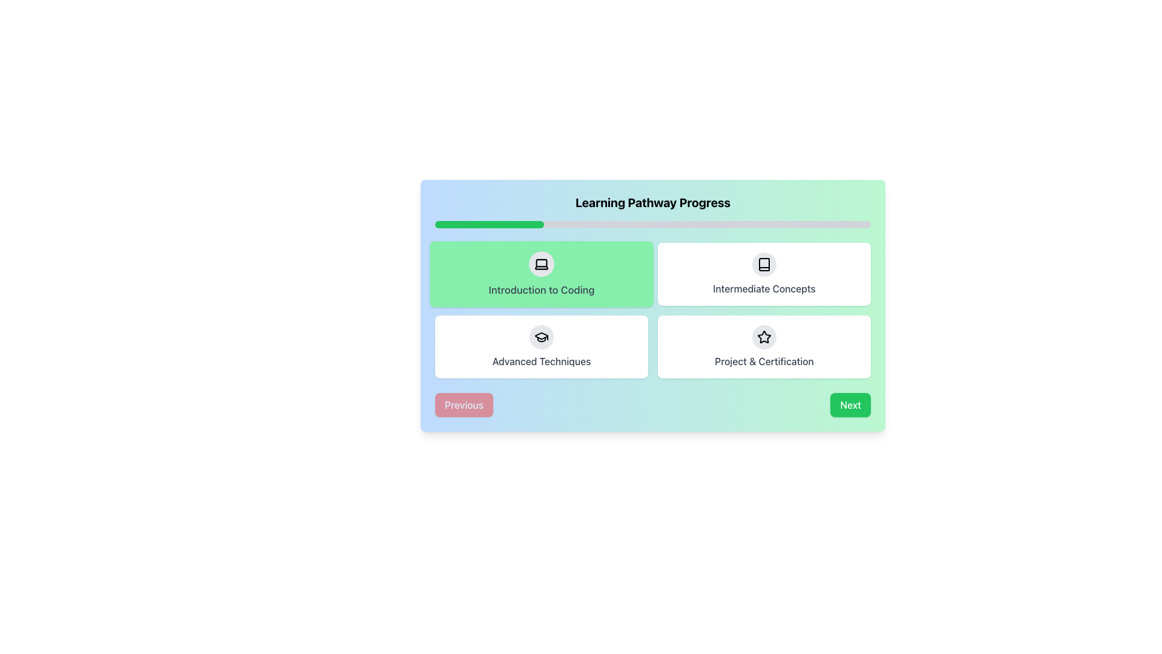  Describe the element at coordinates (540, 347) in the screenshot. I see `the 'Advanced Techniques' card, which is the third card in a 2-row grid layout located in the bottom-left corner, directly below the 'Introduction to Coding' card and to the left of the 'Project & Certification' card` at that location.